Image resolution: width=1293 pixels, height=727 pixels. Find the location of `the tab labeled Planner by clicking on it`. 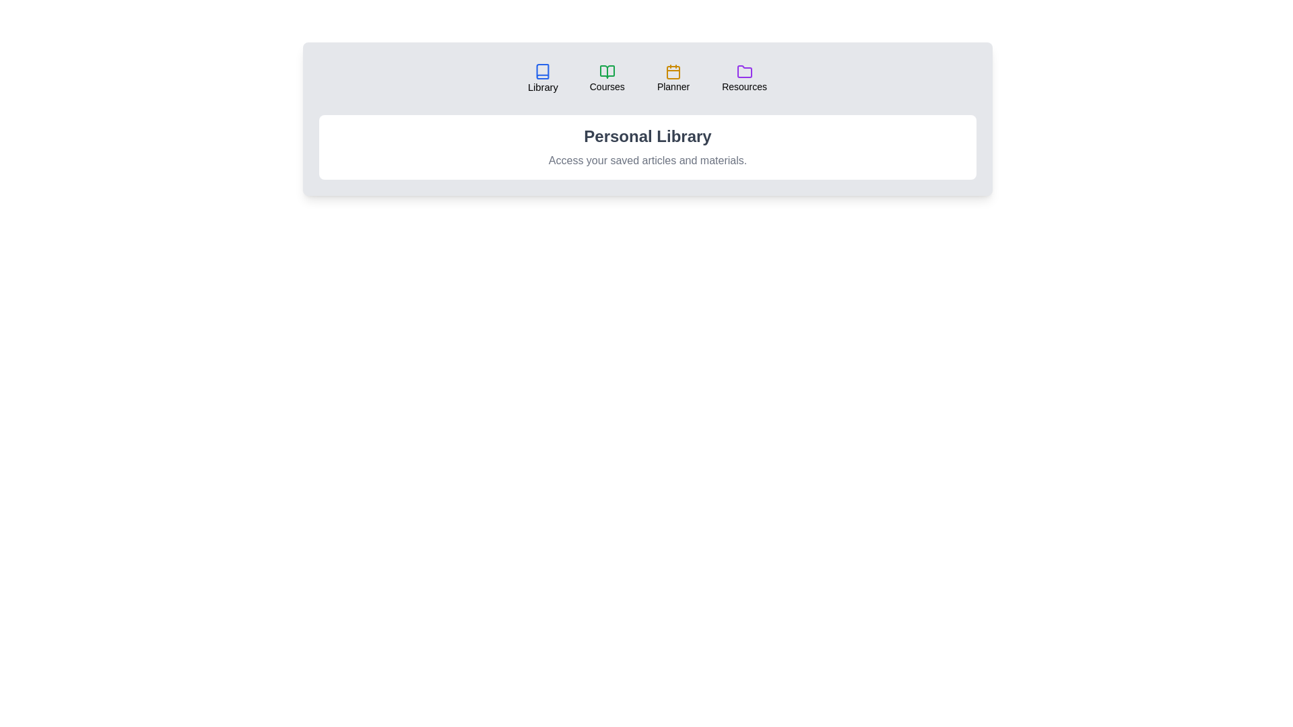

the tab labeled Planner by clicking on it is located at coordinates (673, 78).